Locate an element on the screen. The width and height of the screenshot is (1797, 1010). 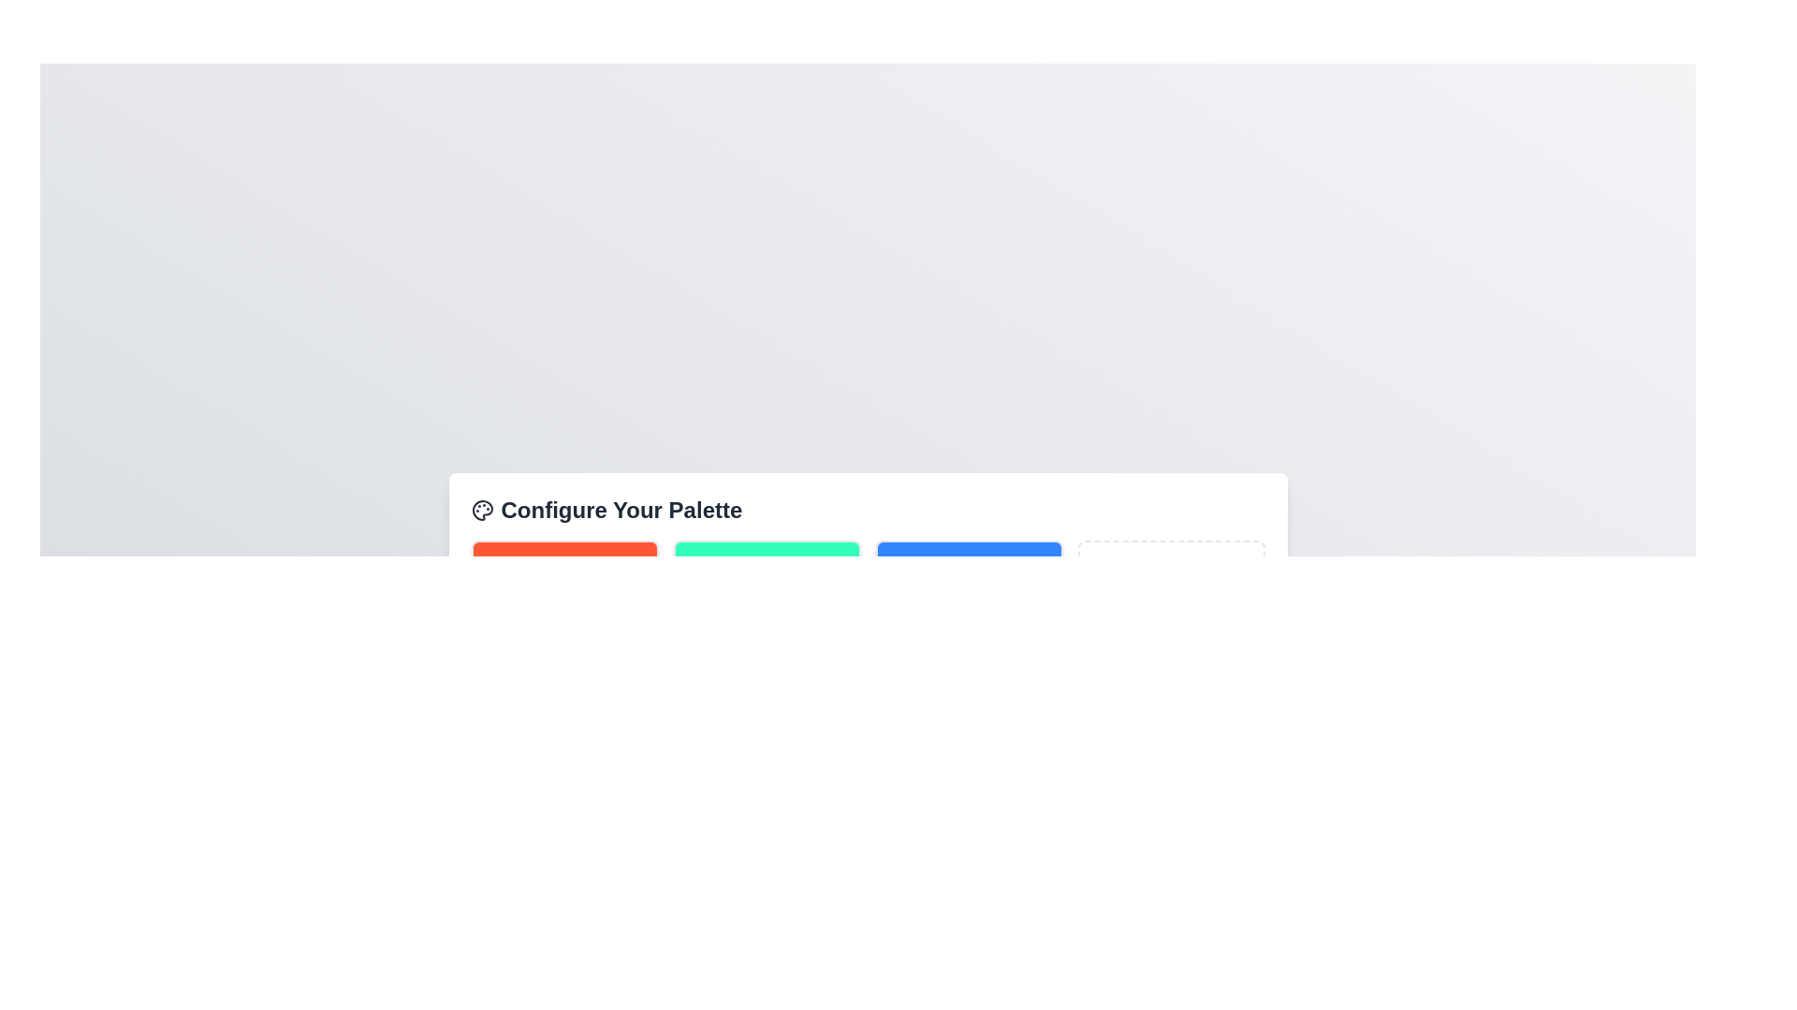
the blue rectangular button with rounded corners, which is the third item in a horizontal grid layout is located at coordinates (969, 569).